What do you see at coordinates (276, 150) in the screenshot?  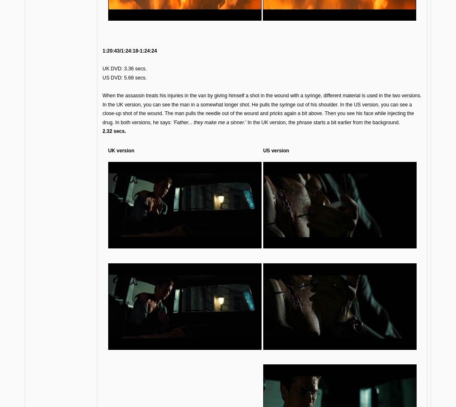 I see `'US version'` at bounding box center [276, 150].